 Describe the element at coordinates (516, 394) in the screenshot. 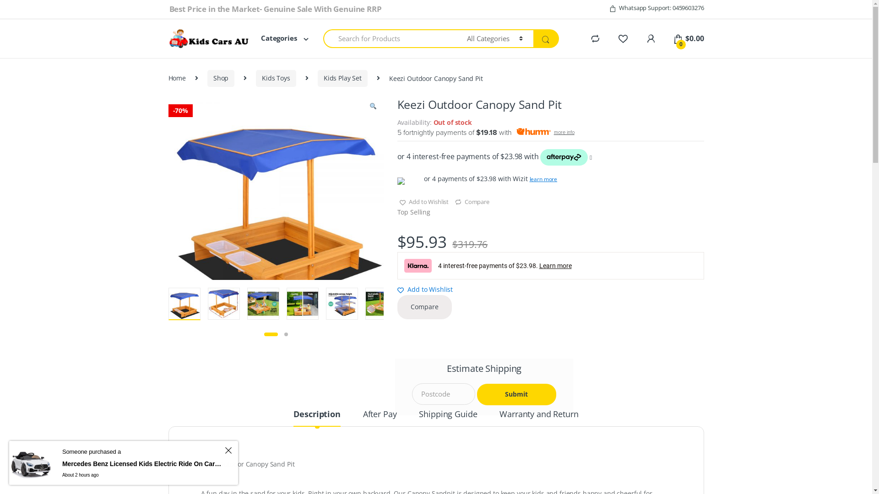

I see `'Submit'` at that location.